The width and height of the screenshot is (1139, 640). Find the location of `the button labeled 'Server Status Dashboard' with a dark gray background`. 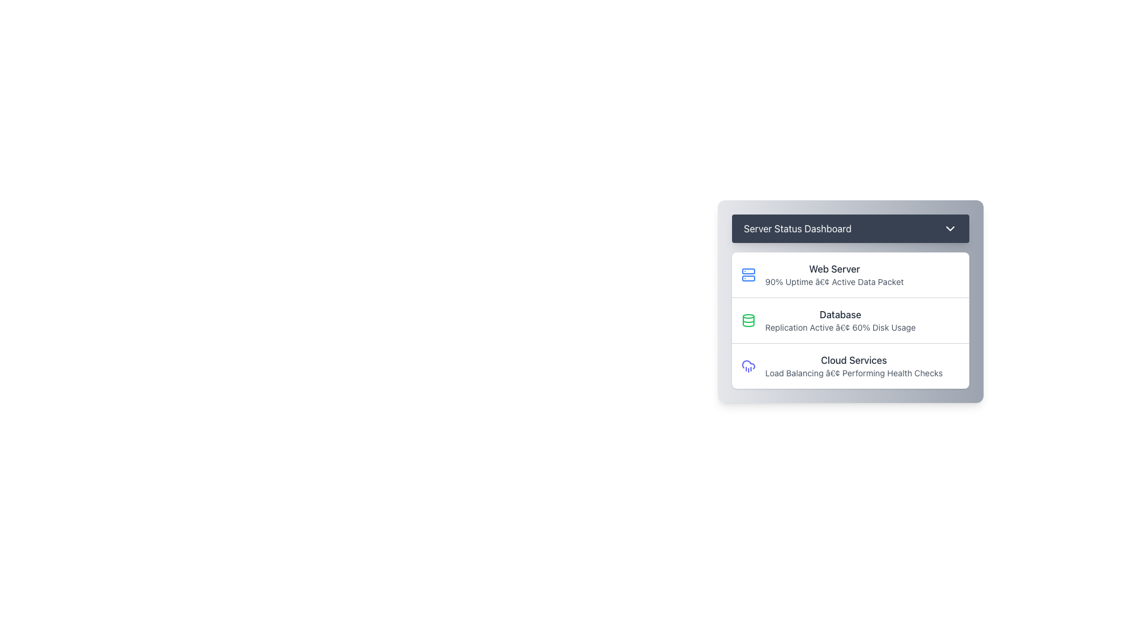

the button labeled 'Server Status Dashboard' with a dark gray background is located at coordinates (850, 228).